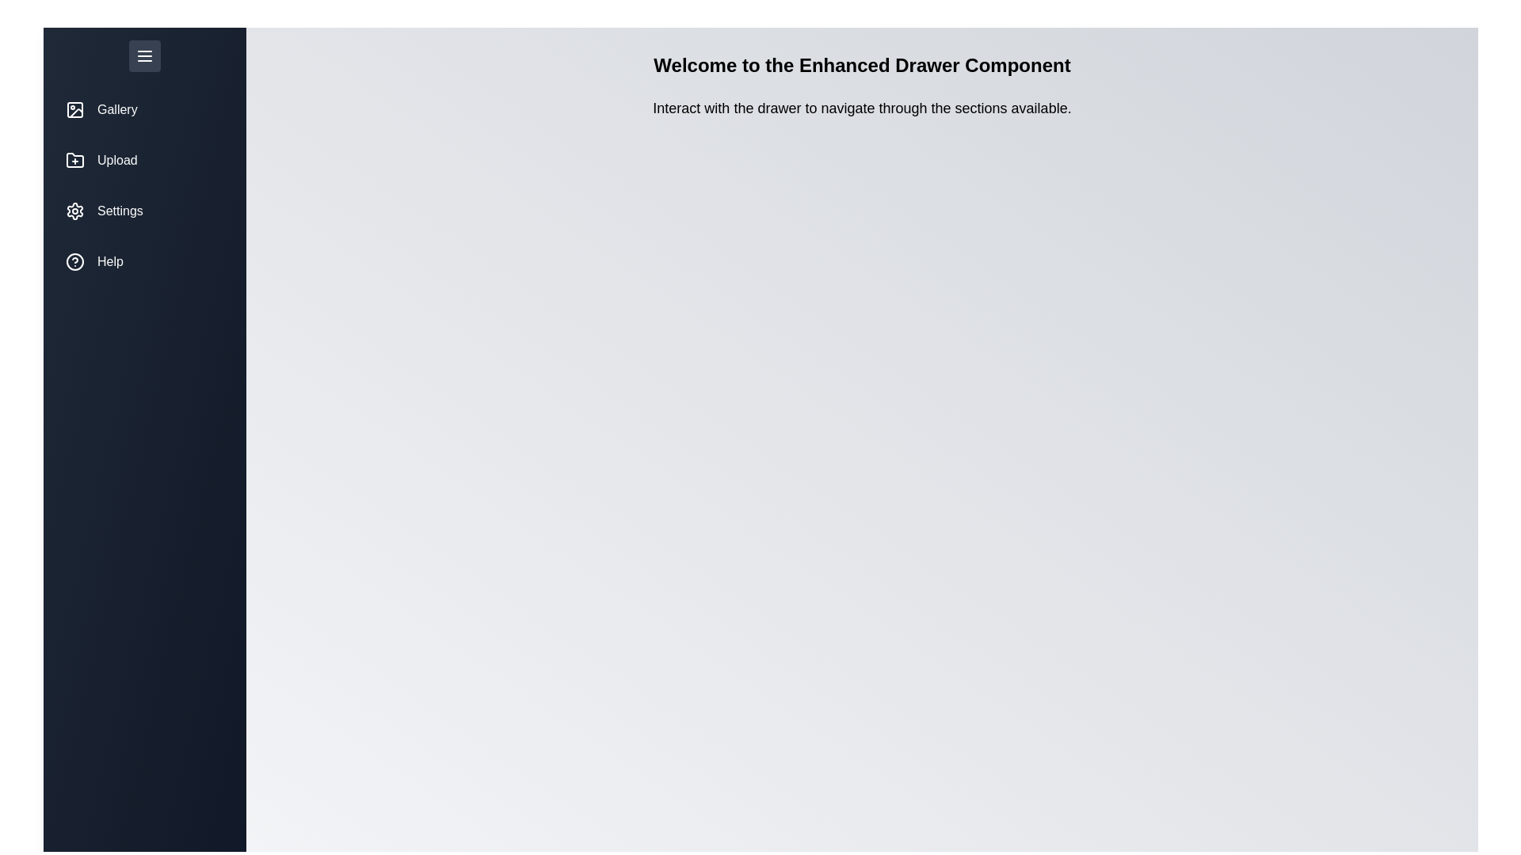 The height and width of the screenshot is (855, 1521). Describe the element at coordinates (74, 210) in the screenshot. I see `the icon corresponding to the Settings section` at that location.